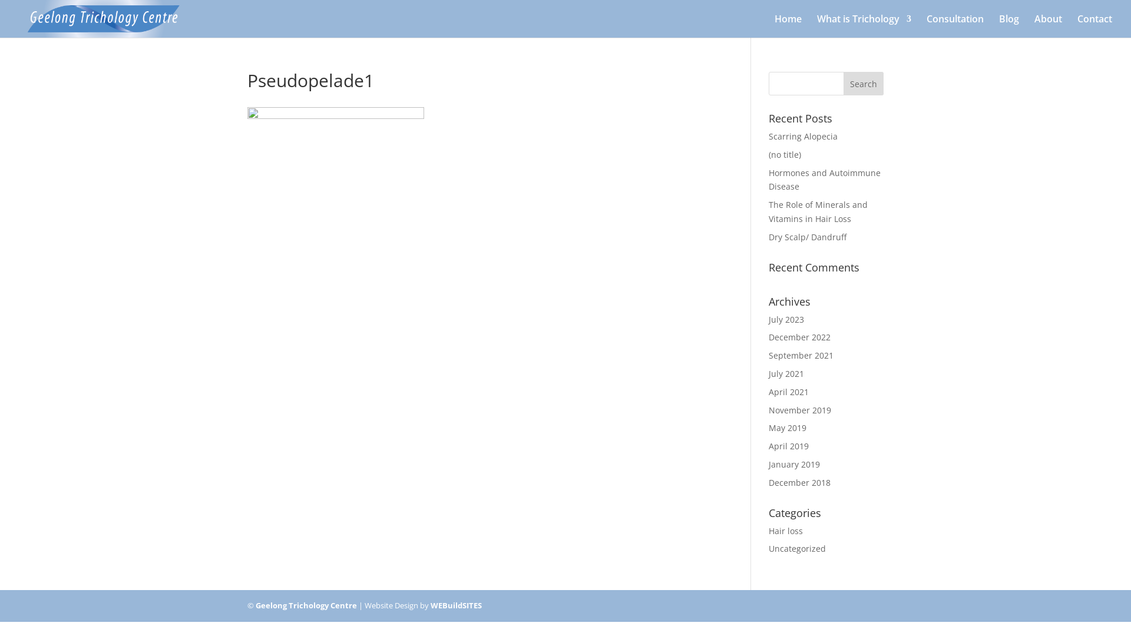 The width and height of the screenshot is (1131, 636). Describe the element at coordinates (797, 548) in the screenshot. I see `'Uncategorized'` at that location.